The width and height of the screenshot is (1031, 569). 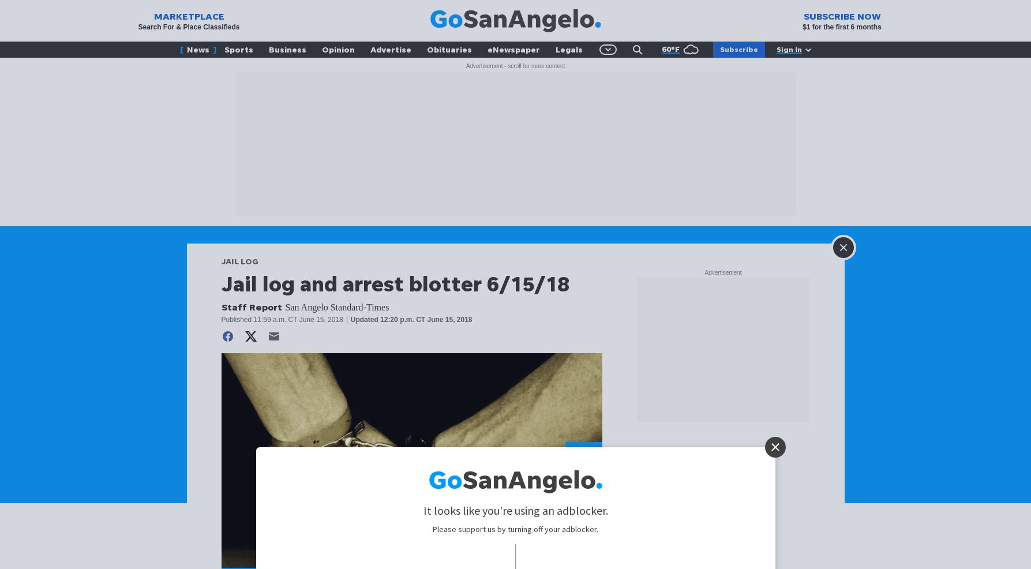 I want to click on 'Staff Report', so click(x=251, y=306).